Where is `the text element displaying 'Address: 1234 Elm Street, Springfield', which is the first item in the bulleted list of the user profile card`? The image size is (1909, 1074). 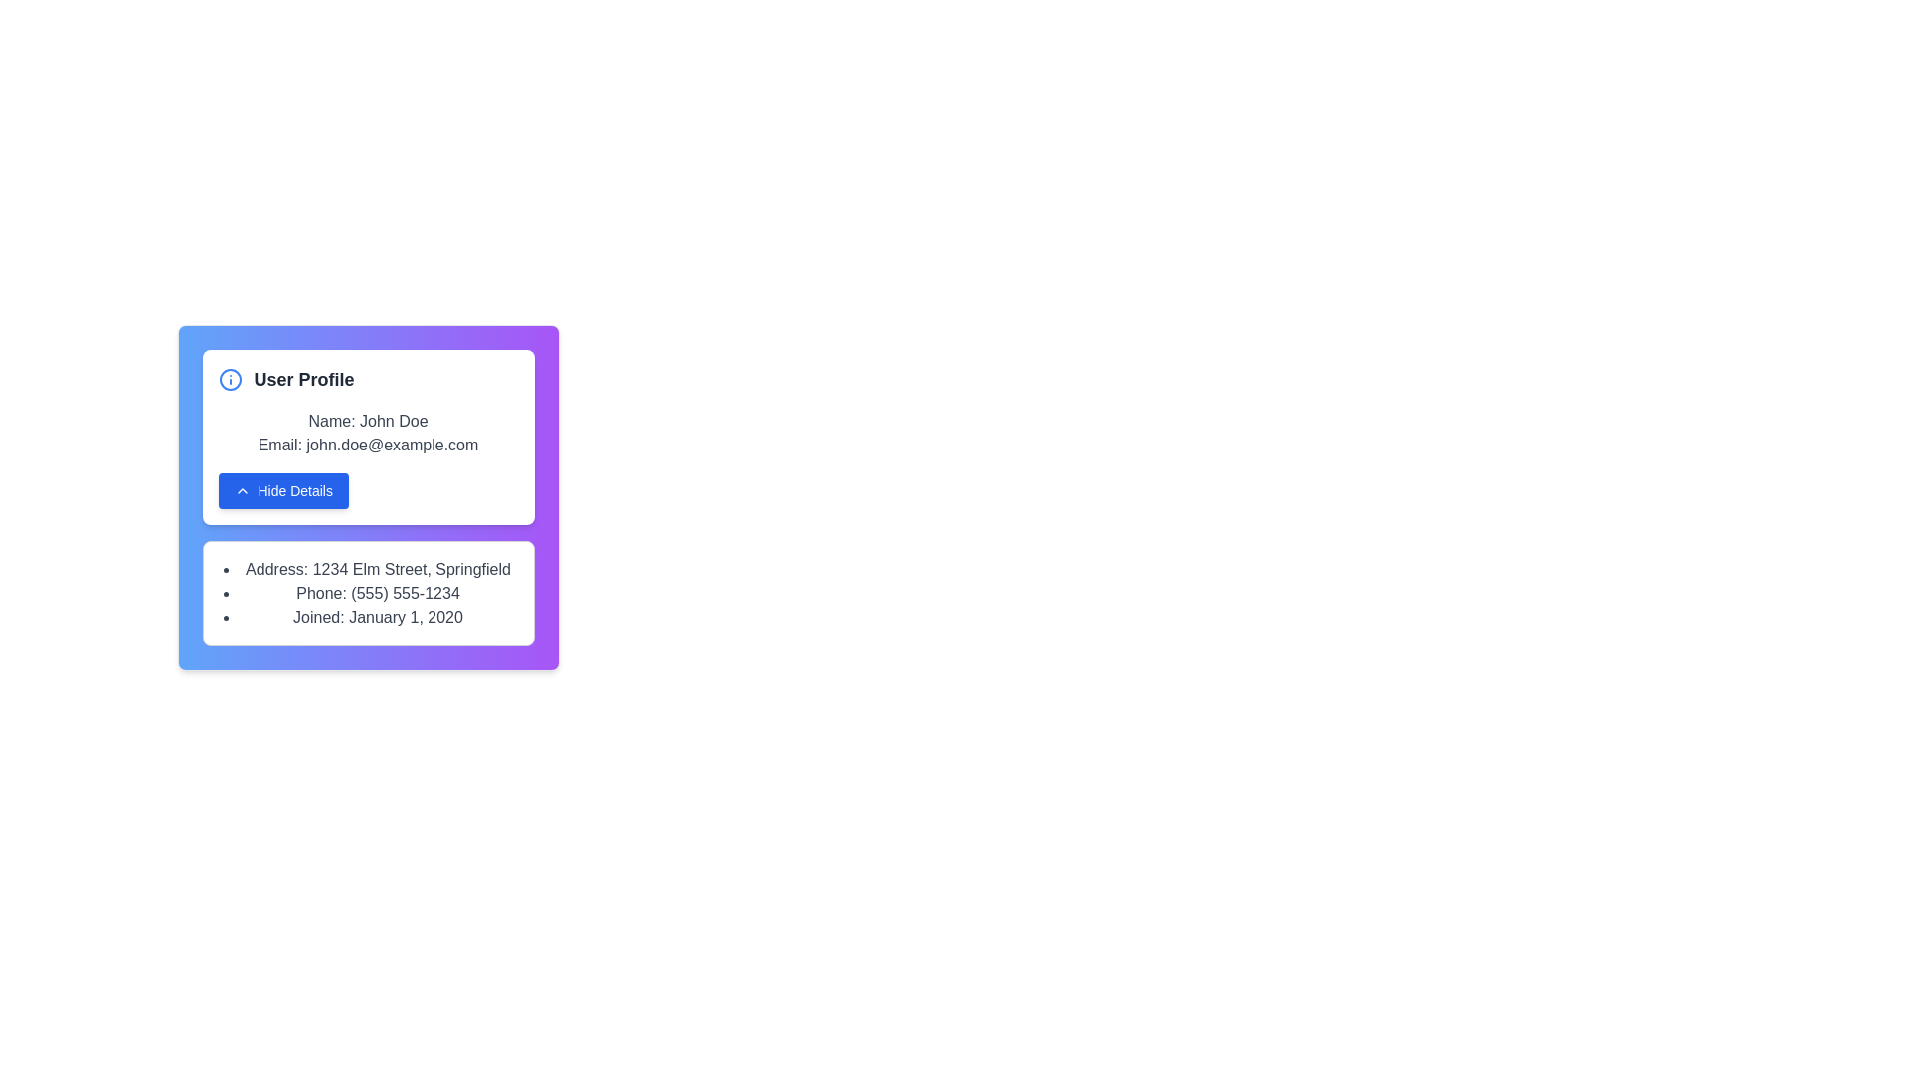 the text element displaying 'Address: 1234 Elm Street, Springfield', which is the first item in the bulleted list of the user profile card is located at coordinates (378, 570).